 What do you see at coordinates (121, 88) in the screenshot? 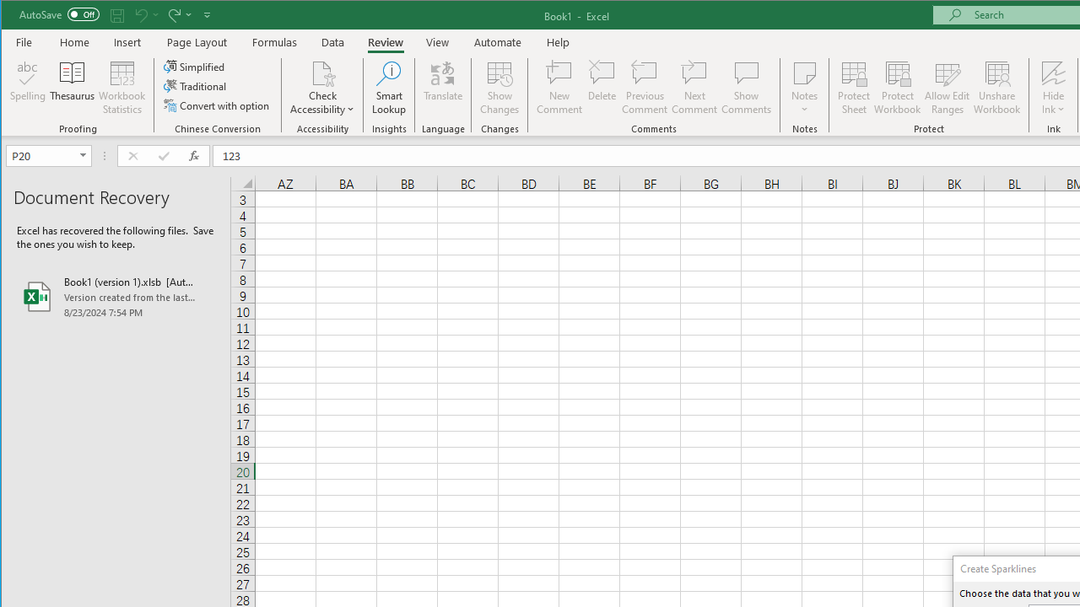
I see `'Workbook Statistics'` at bounding box center [121, 88].